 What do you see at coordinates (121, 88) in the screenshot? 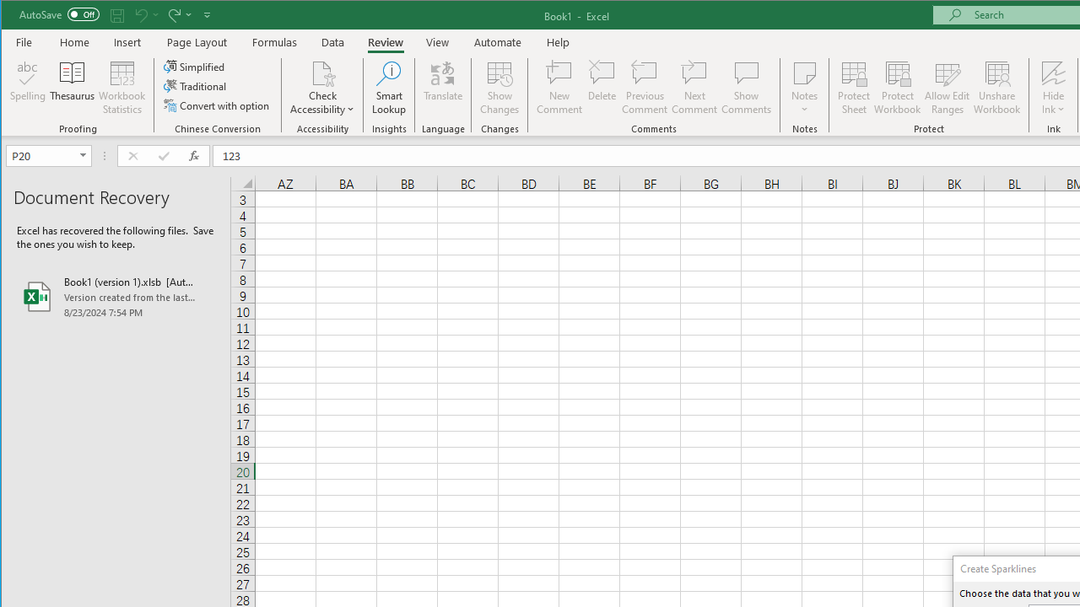
I see `'Workbook Statistics'` at bounding box center [121, 88].